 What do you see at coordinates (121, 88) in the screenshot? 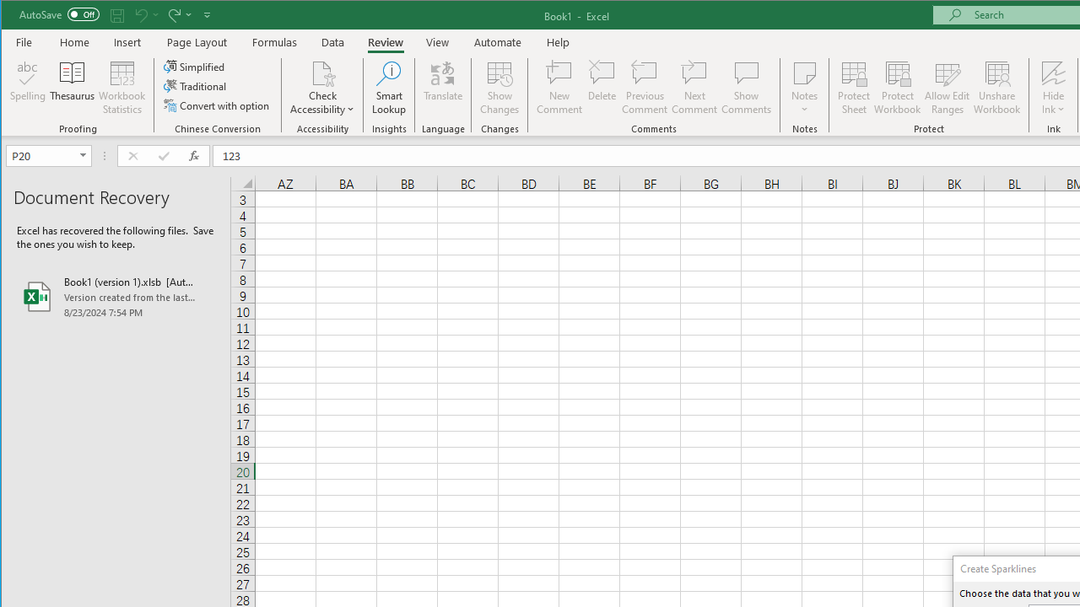
I see `'Workbook Statistics'` at bounding box center [121, 88].